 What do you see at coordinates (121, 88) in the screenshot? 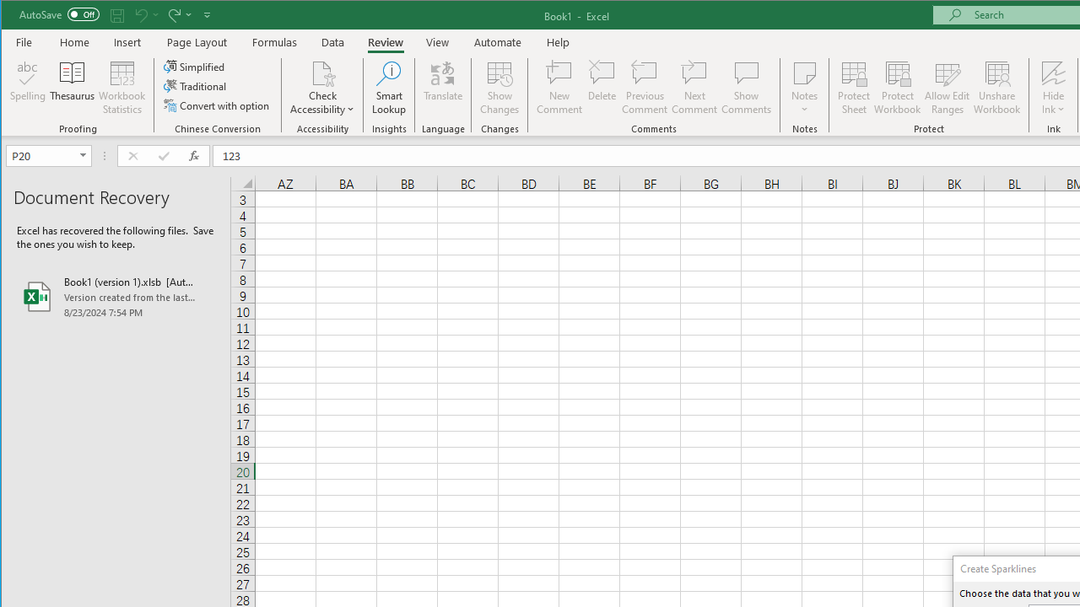
I see `'Workbook Statistics'` at bounding box center [121, 88].